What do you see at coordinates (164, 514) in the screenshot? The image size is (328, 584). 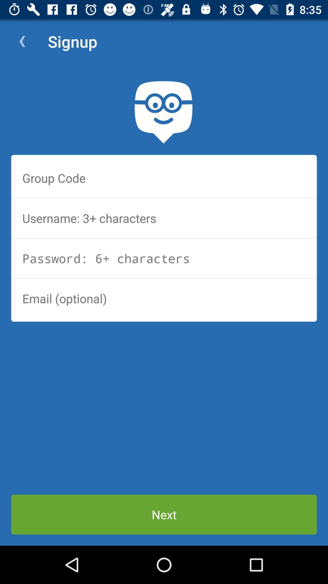 I see `next` at bounding box center [164, 514].